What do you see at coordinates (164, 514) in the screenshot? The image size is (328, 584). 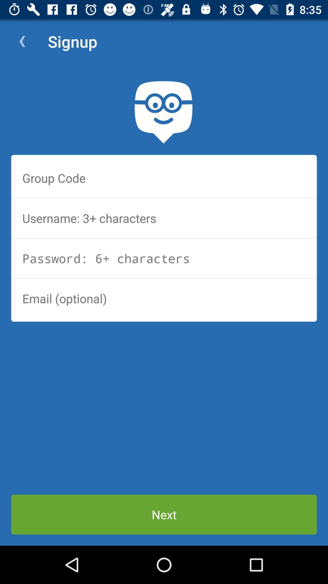 I see `next` at bounding box center [164, 514].